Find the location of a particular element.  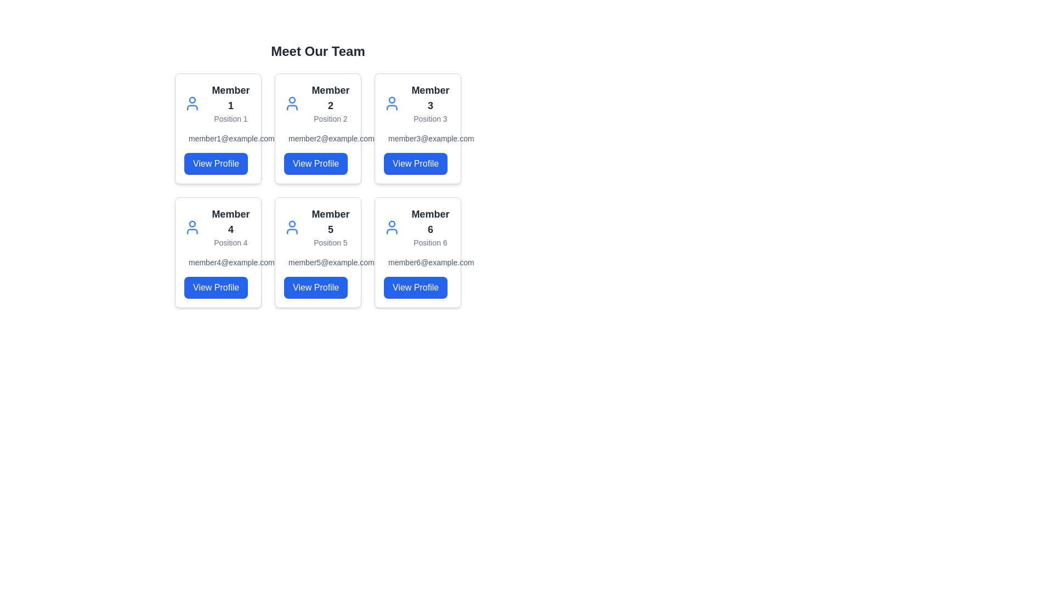

the static text field that displays the designation or role associated with 'Member 6', positioned below 'Member 6' and above the email address and 'View Profile' button in the last card of the grid layout is located at coordinates (429, 242).